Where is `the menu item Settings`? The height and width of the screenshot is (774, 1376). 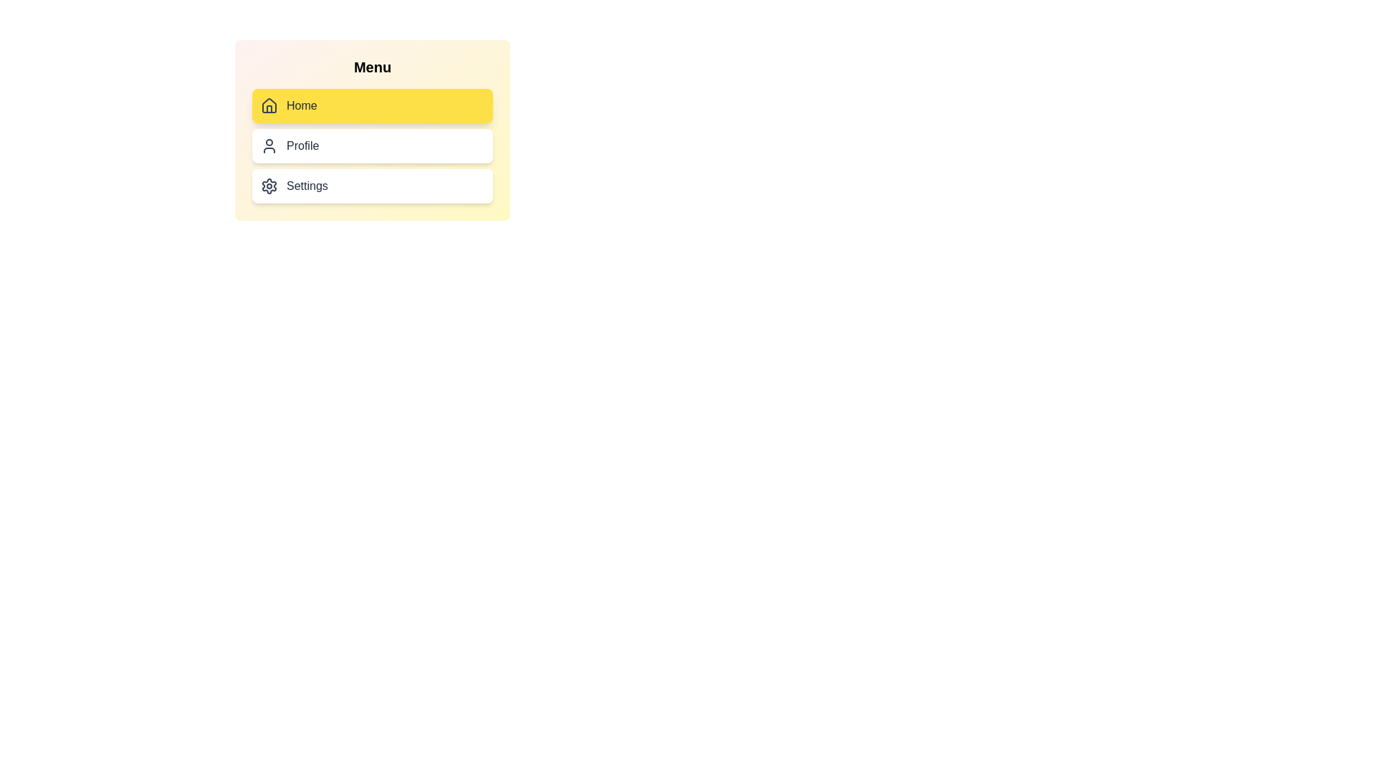 the menu item Settings is located at coordinates (372, 185).